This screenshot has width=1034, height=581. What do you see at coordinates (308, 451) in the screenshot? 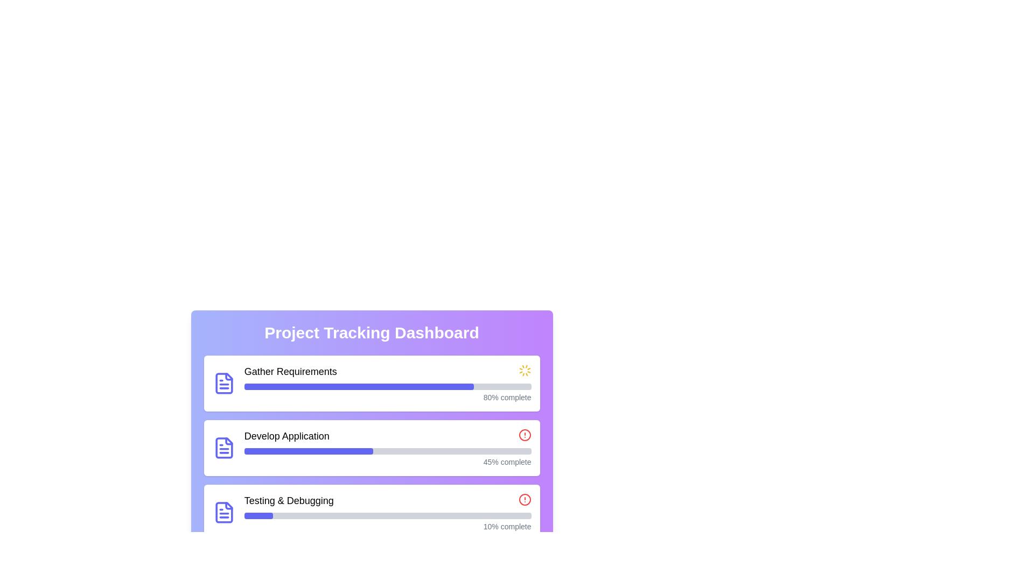
I see `the Progress Bar Indicator that visually represents the completion percentage of the 'Develop Application' task in the project tracking interface for interaction` at bounding box center [308, 451].